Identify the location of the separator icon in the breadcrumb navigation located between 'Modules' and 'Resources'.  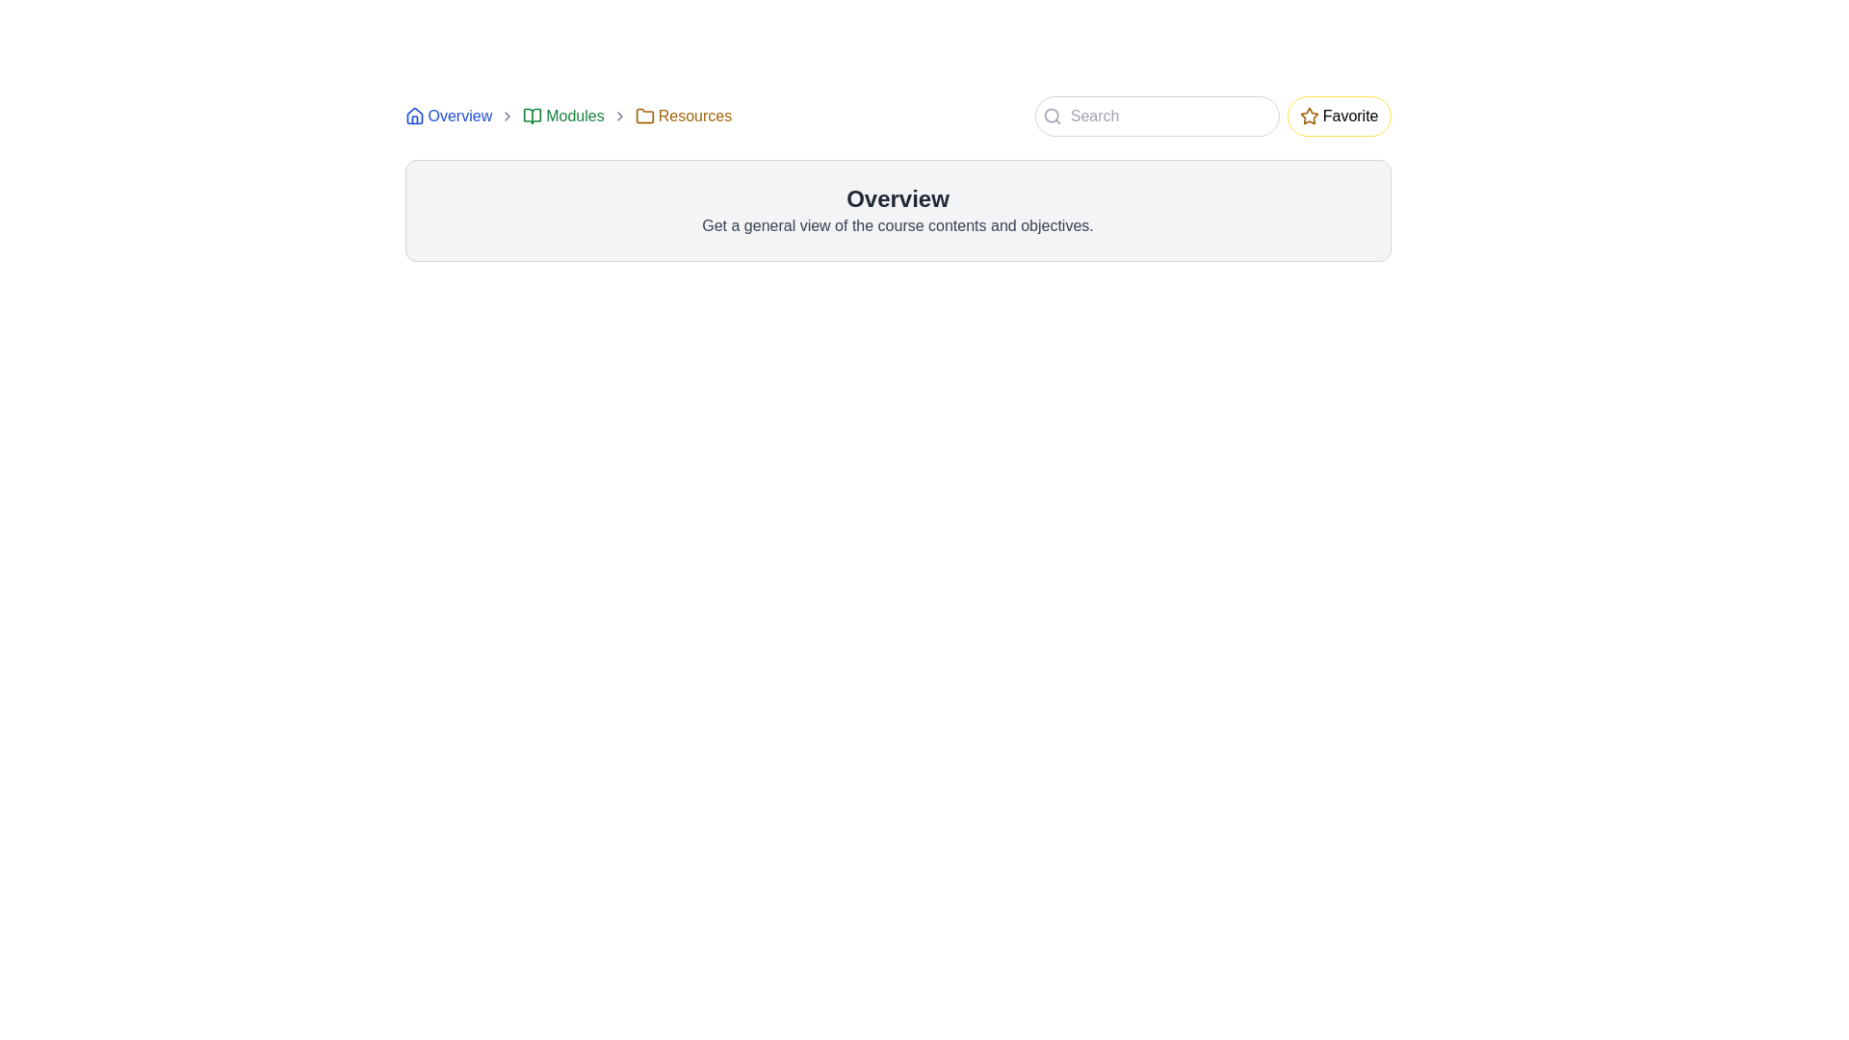
(619, 116).